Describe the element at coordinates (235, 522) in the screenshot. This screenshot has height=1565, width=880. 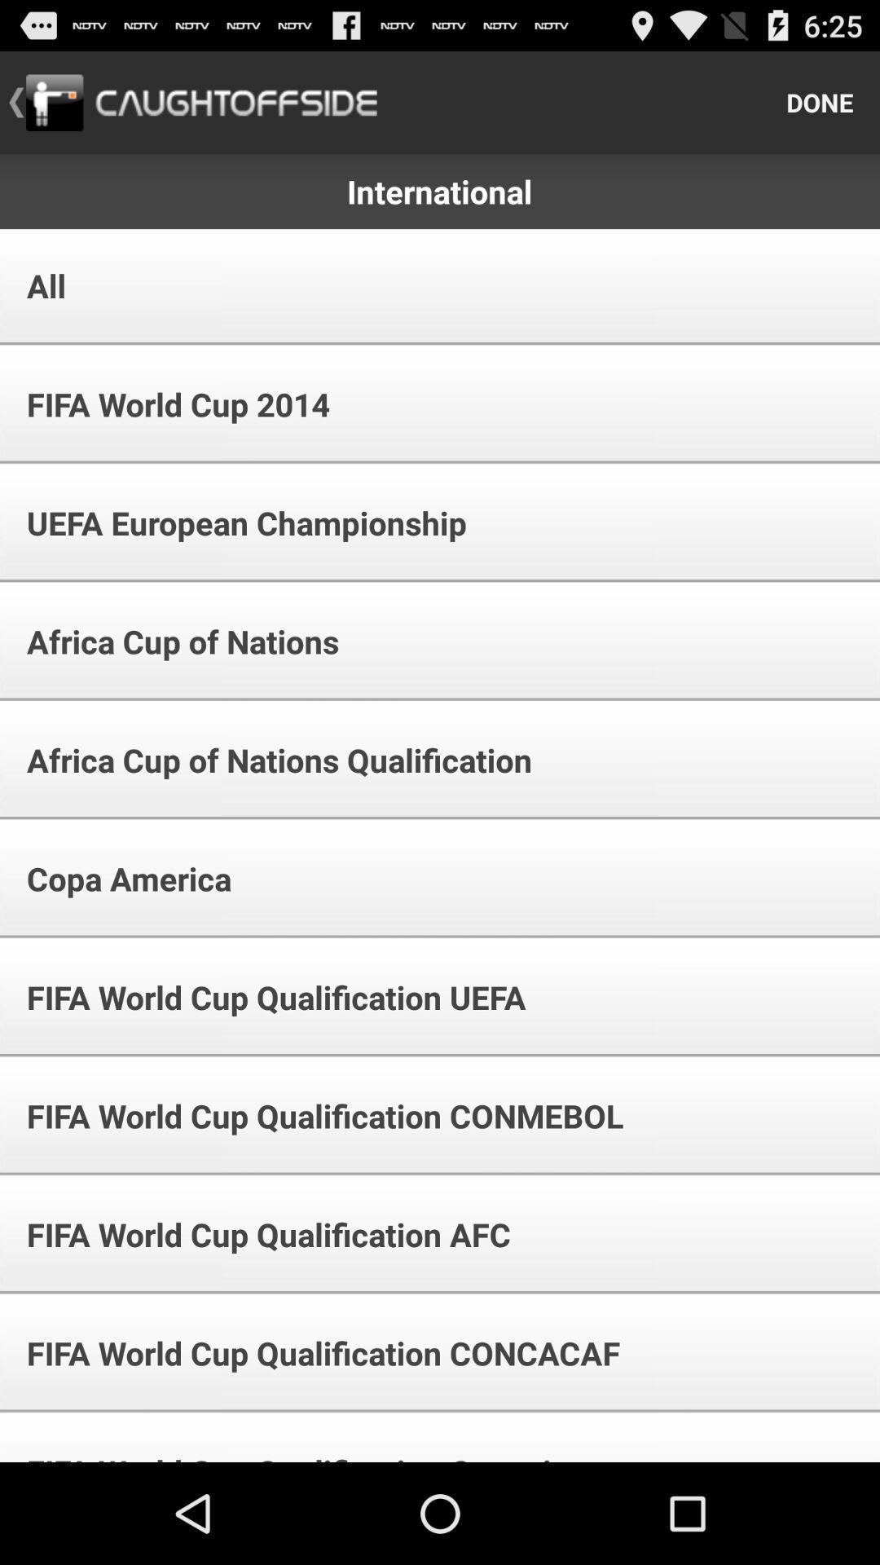
I see `the uefa european championship app` at that location.